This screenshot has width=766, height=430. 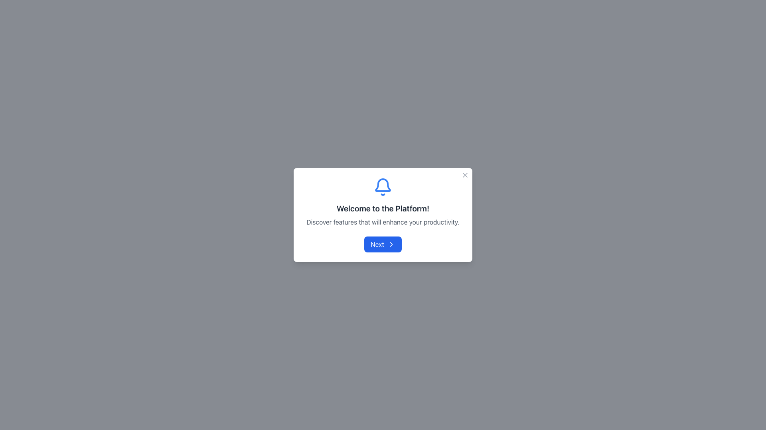 I want to click on static text label located within the modal dialog box, centered below the title 'Welcome to the Platform!', so click(x=383, y=222).